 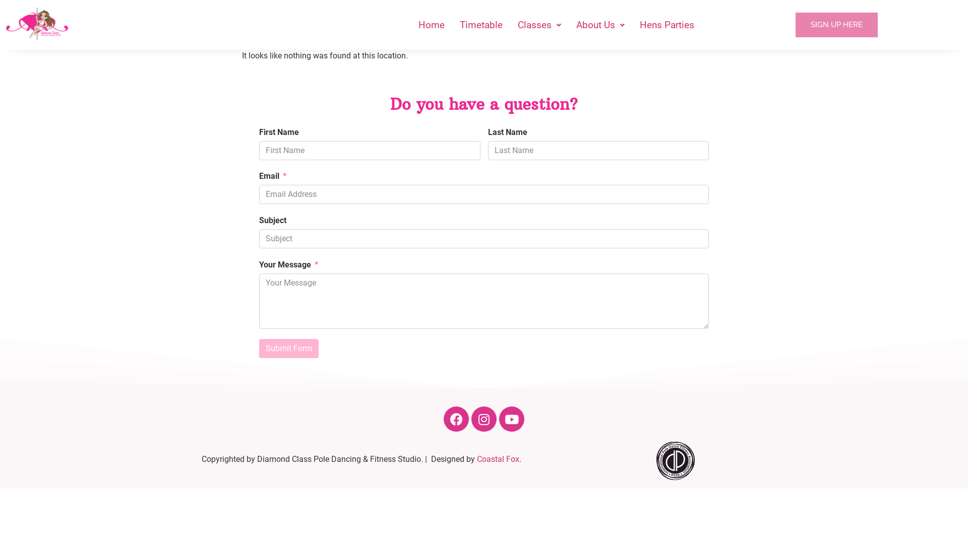 I want to click on 'Timetable', so click(x=480, y=24).